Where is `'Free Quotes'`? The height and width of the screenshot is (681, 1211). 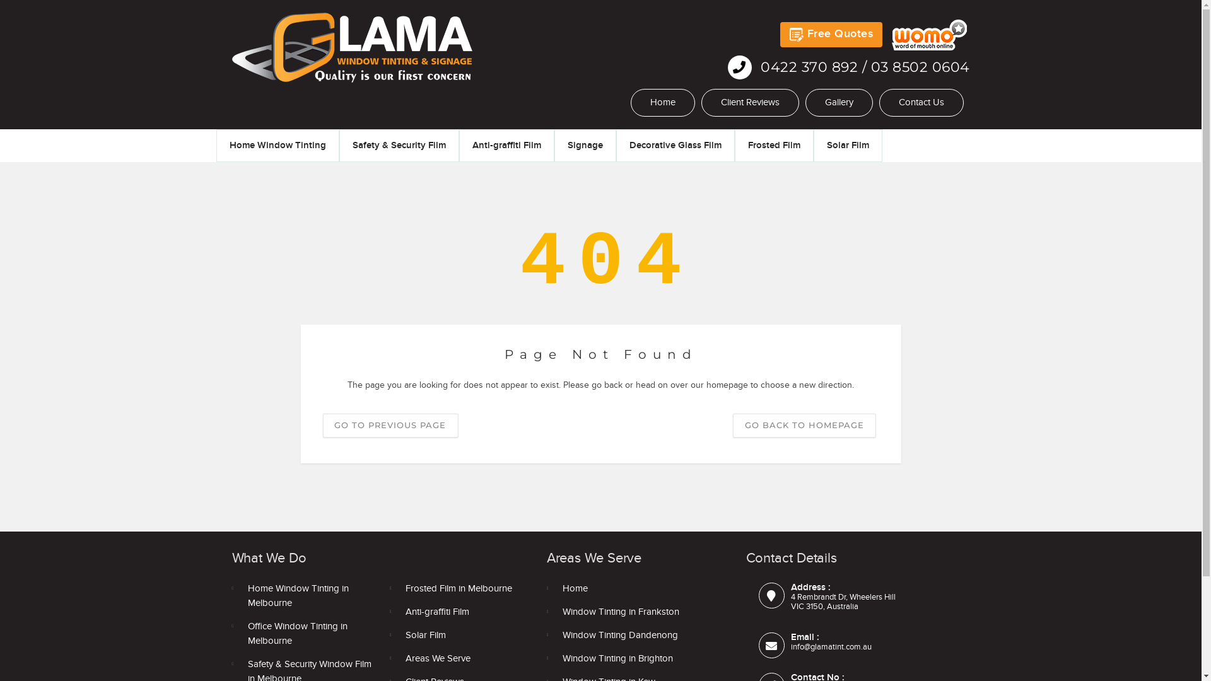
'Free Quotes' is located at coordinates (780, 33).